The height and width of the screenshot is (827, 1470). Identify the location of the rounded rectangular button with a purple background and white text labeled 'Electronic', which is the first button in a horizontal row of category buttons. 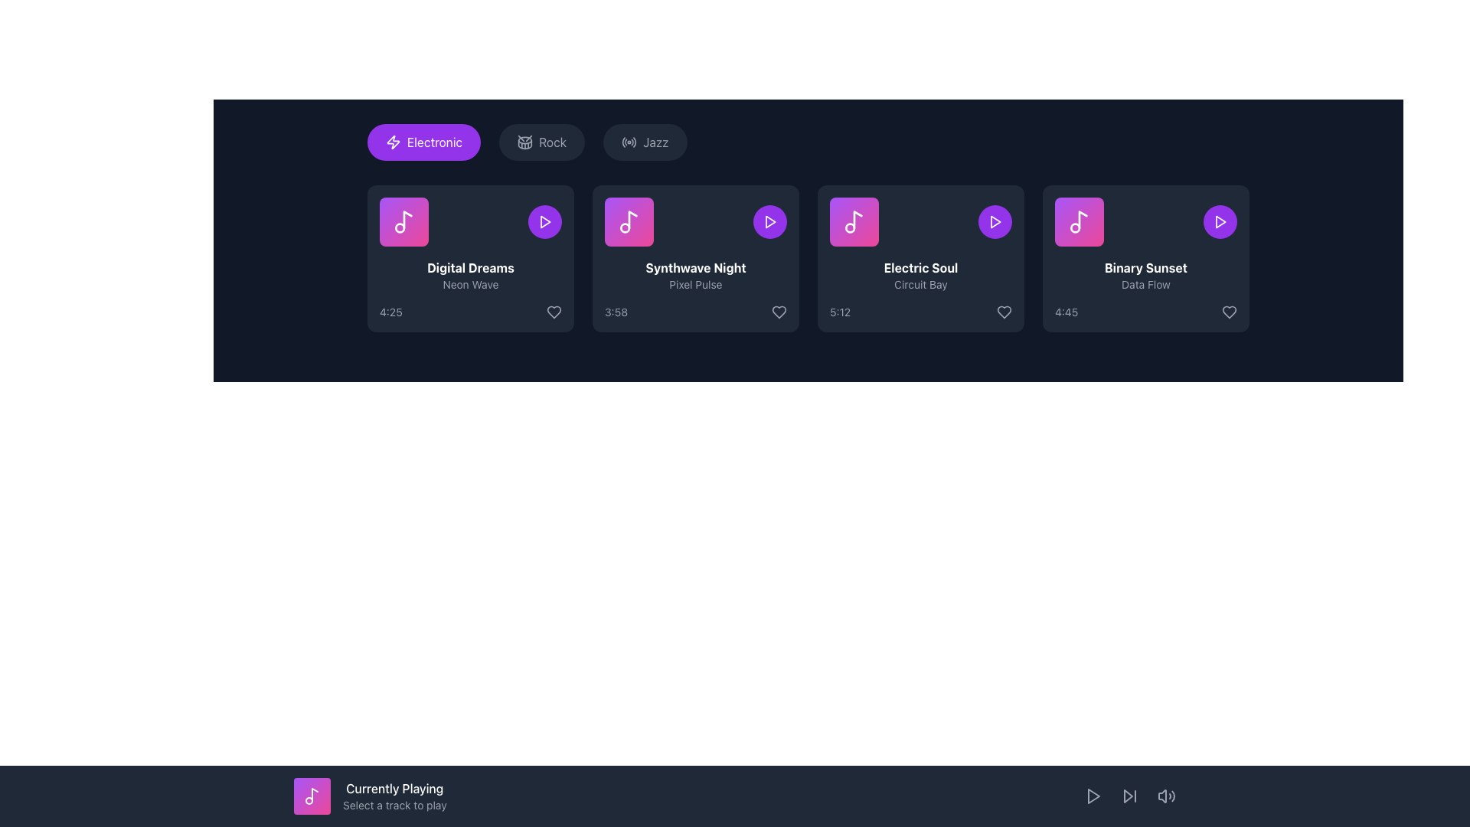
(424, 142).